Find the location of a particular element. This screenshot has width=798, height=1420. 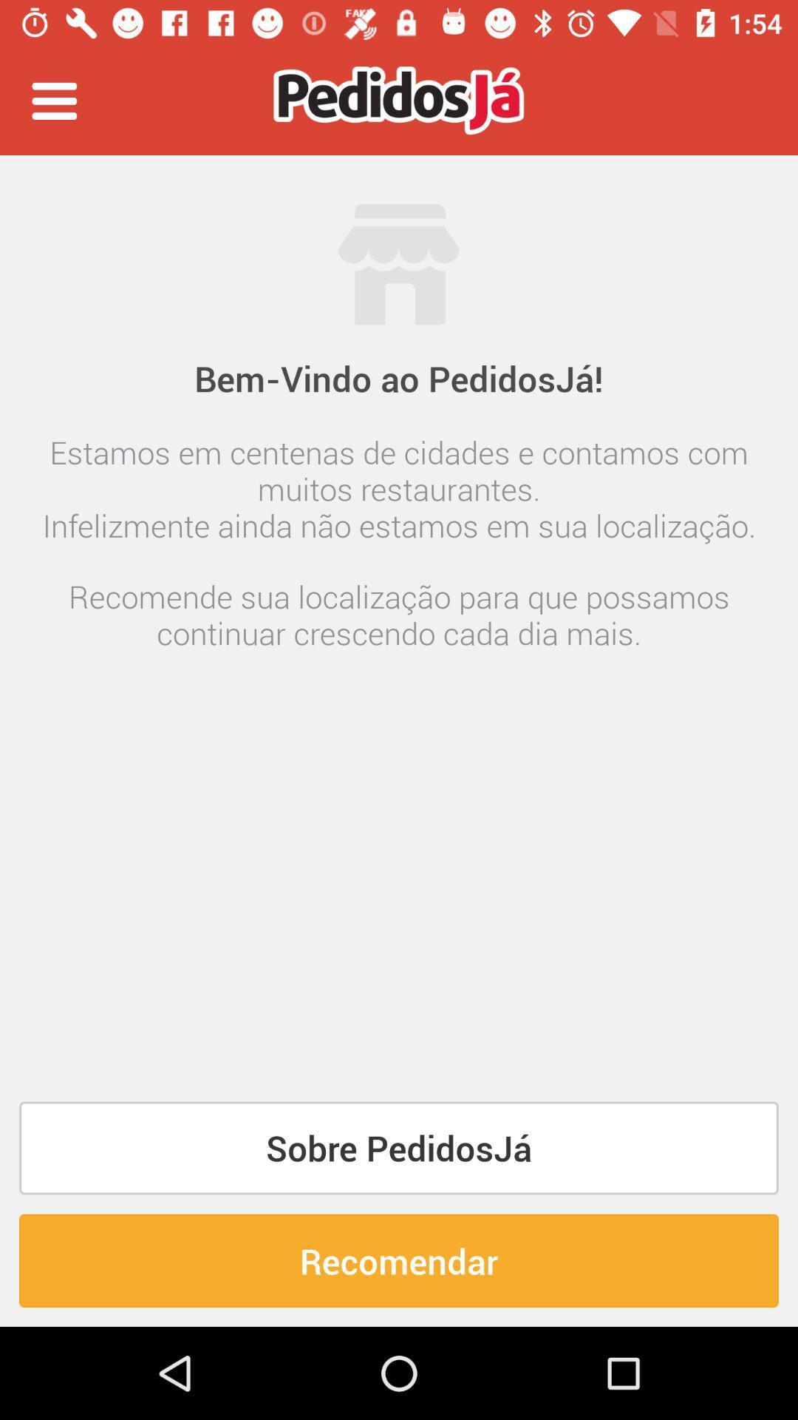

open options is located at coordinates (53, 100).